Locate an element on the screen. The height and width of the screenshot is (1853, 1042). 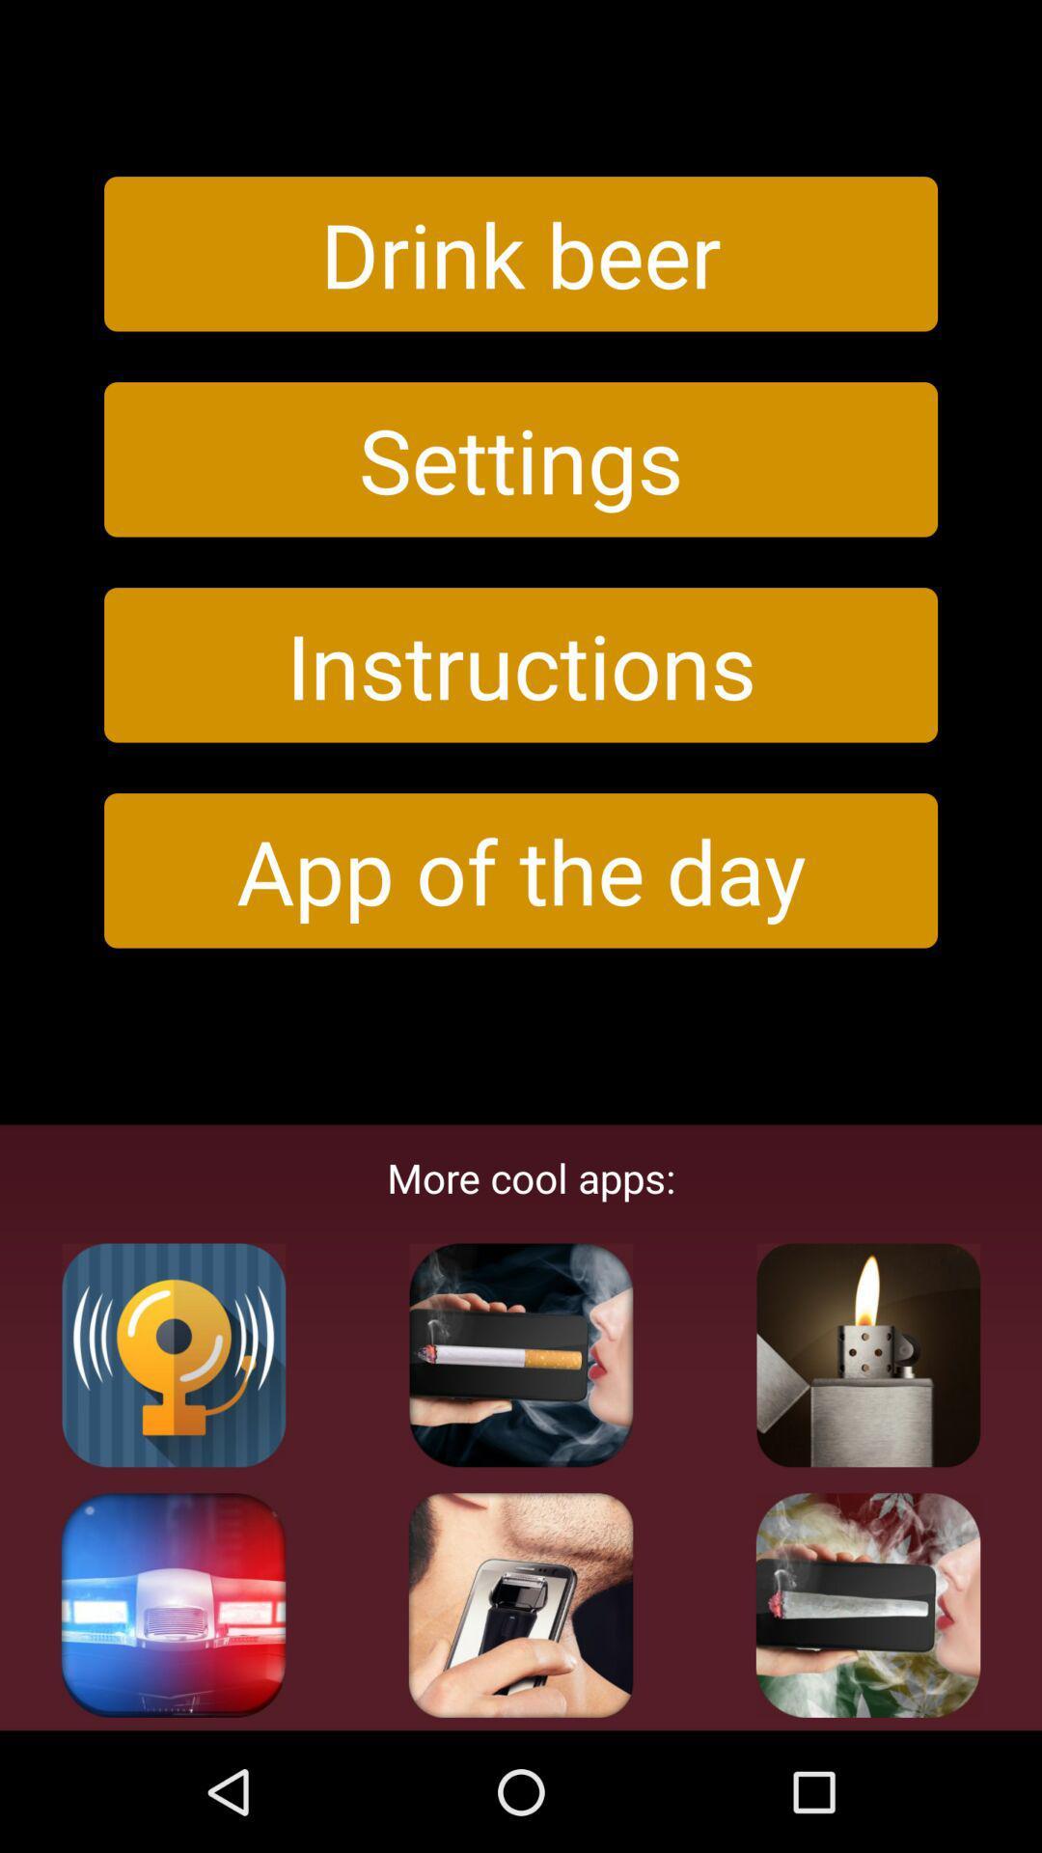
instructions button is located at coordinates (521, 665).